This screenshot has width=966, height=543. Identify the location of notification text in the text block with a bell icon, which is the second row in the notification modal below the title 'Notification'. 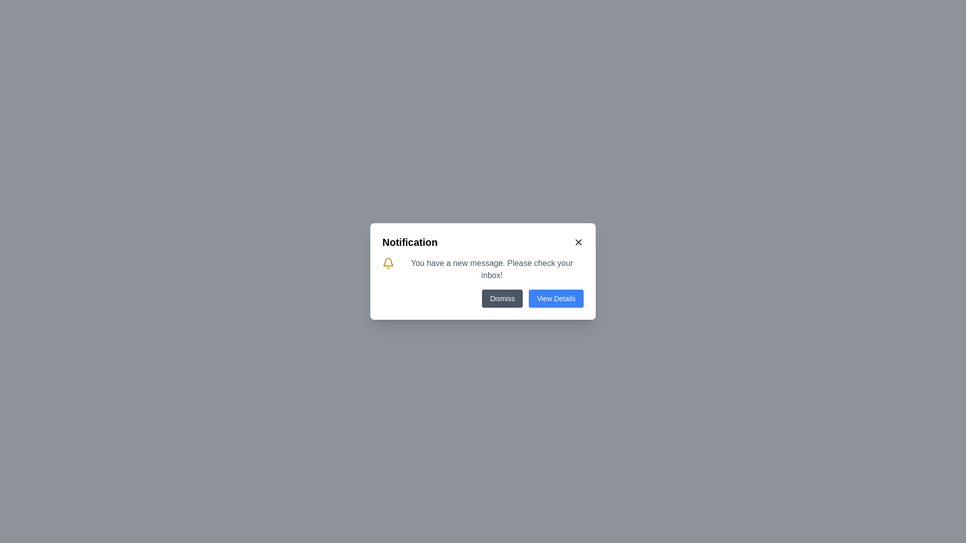
(483, 269).